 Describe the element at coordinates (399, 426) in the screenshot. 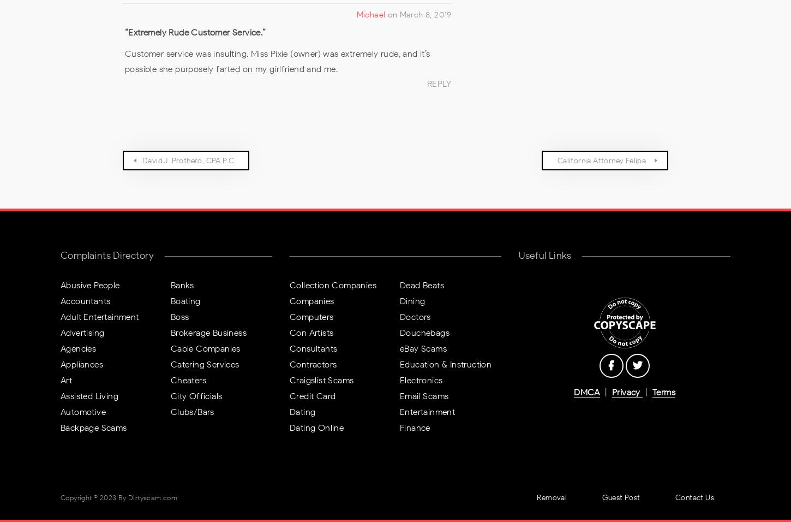

I see `'Finance'` at that location.